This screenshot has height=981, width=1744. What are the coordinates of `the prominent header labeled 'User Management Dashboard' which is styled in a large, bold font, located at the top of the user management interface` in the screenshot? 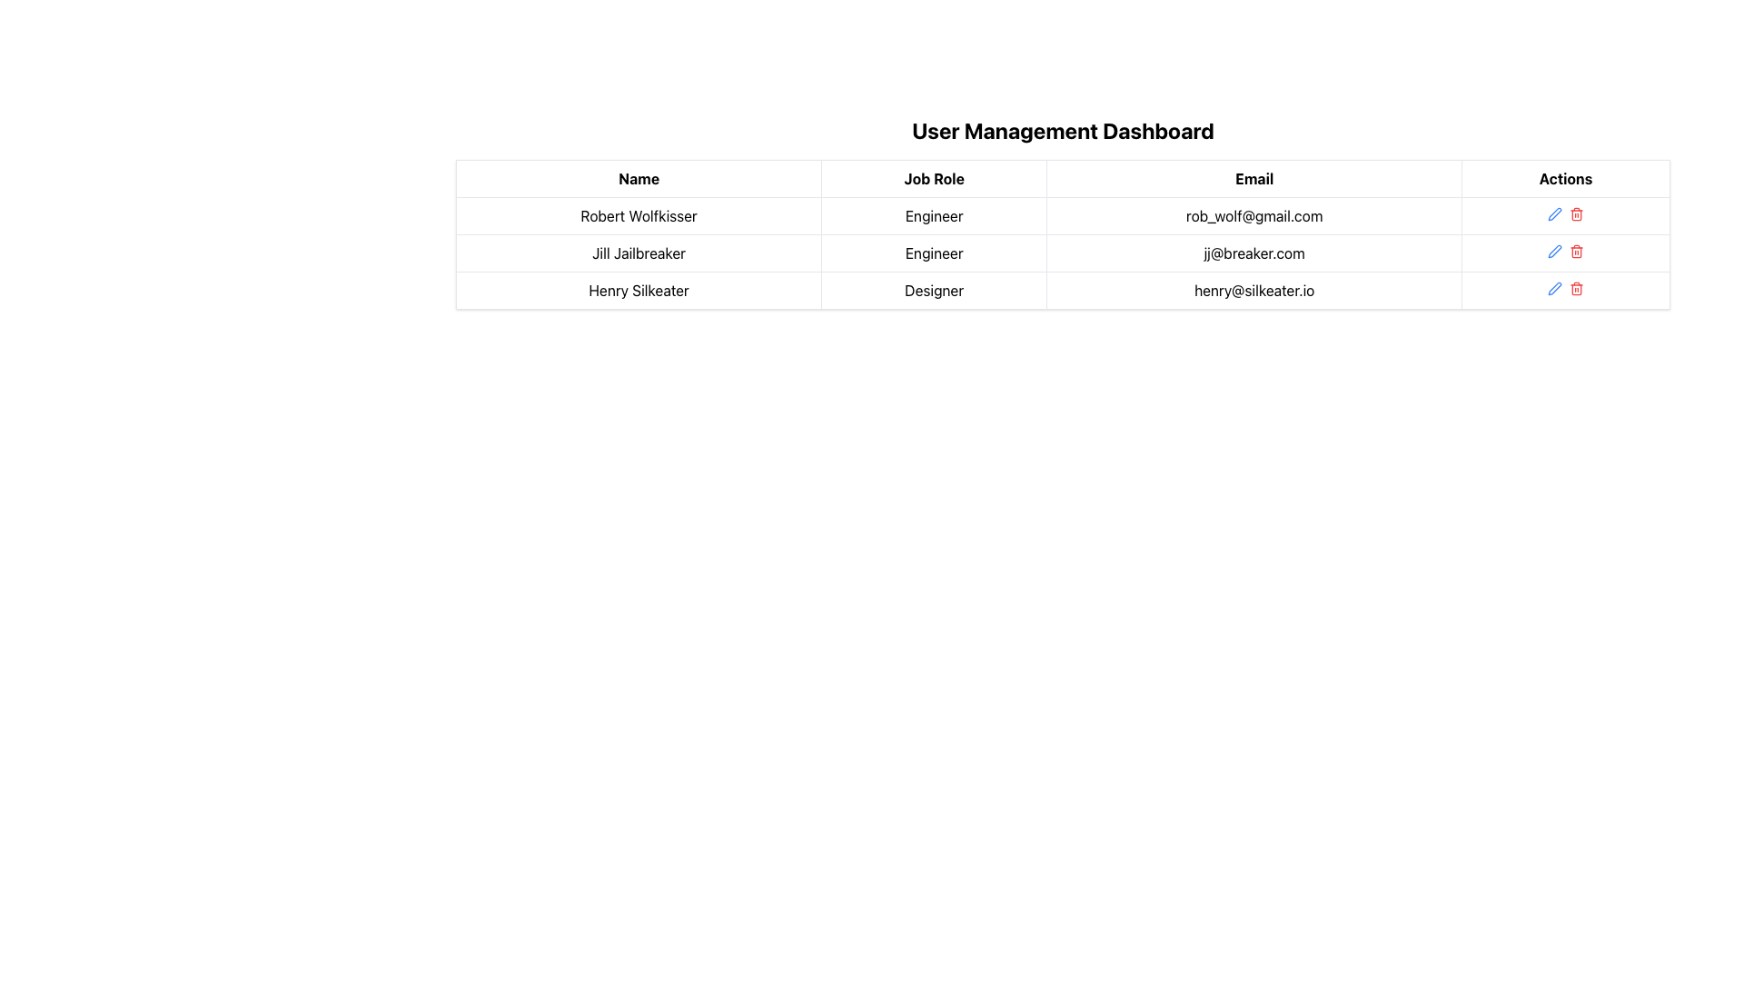 It's located at (1063, 129).